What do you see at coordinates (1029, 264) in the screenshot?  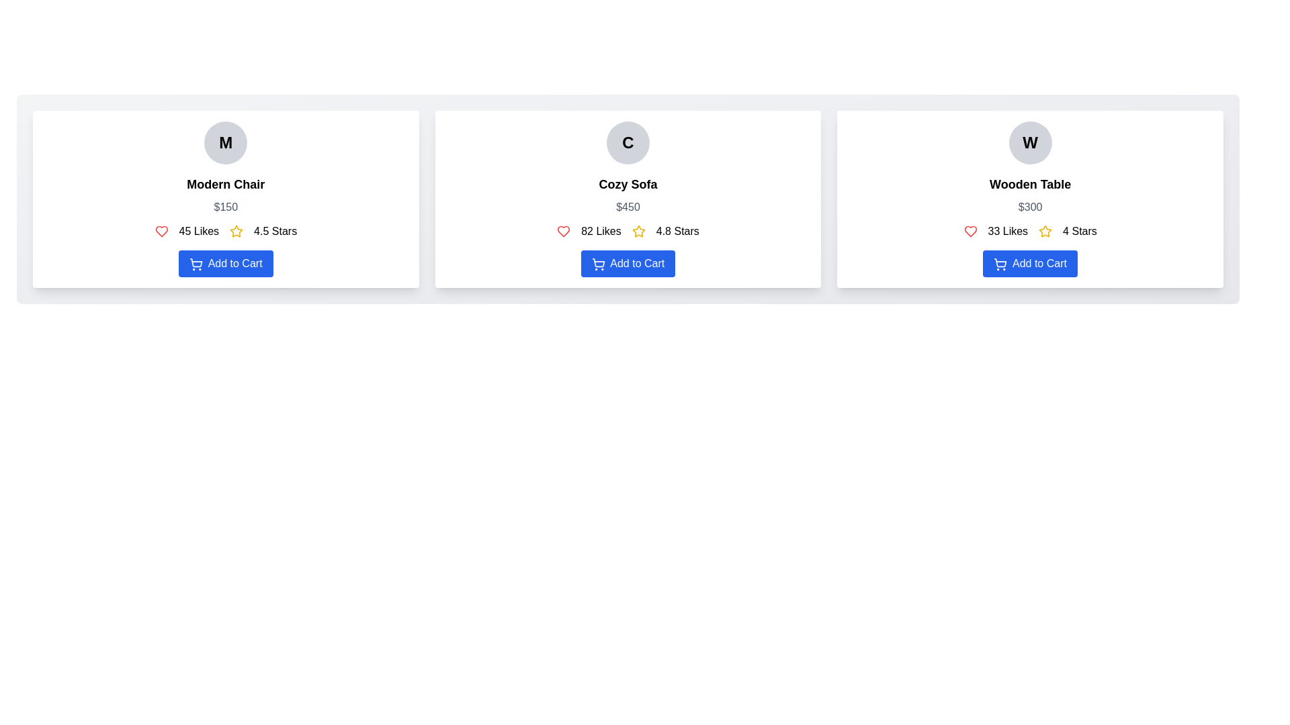 I see `the interactive button located at the bottom of the 'Wooden Table' card on the far right` at bounding box center [1029, 264].